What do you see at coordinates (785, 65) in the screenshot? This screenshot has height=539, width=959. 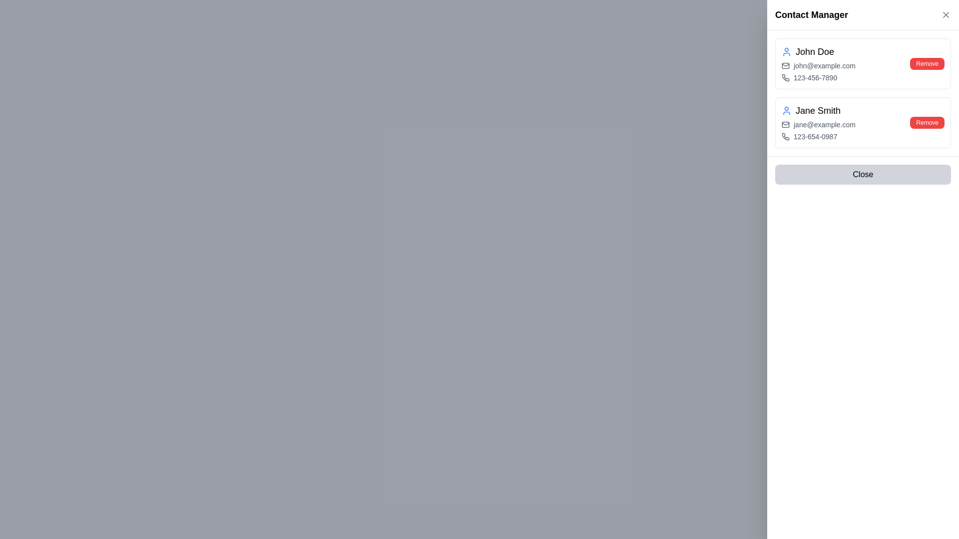 I see `the email icon shaped like a horizontal envelope, located adjacent to the left of the email address 'john@example.com' in the Contact Manager interface` at bounding box center [785, 65].